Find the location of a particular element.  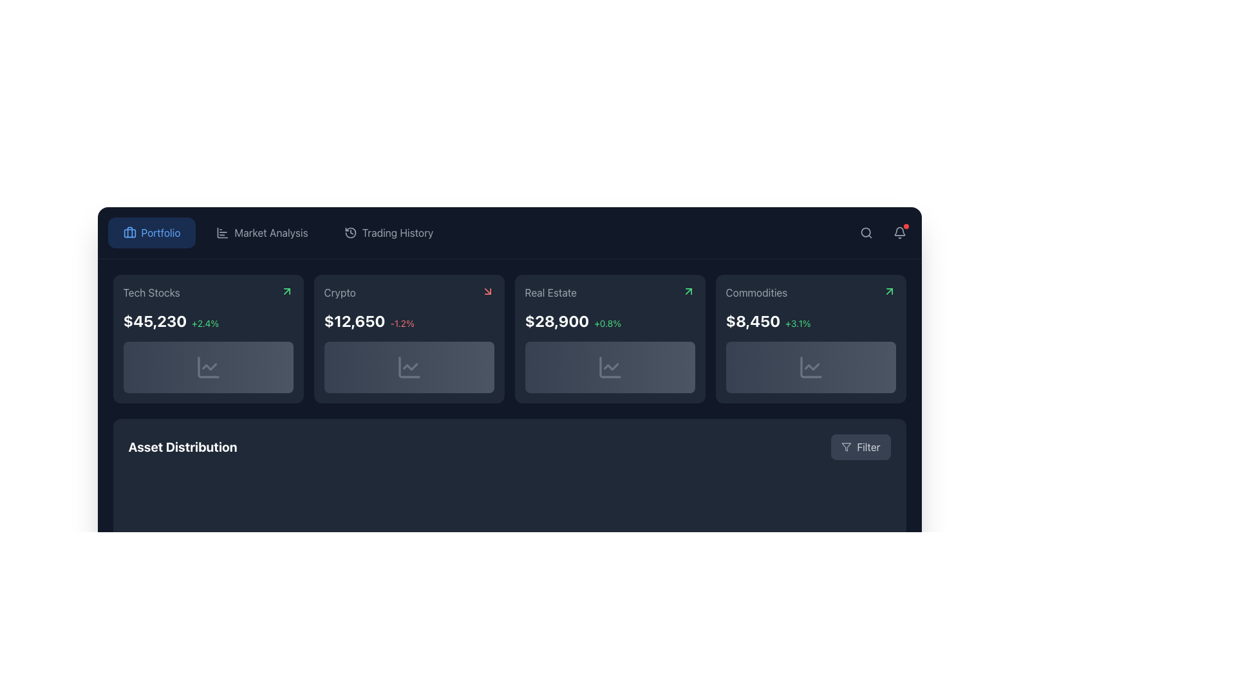

text label displaying 'Commodities' which is positioned in the top-left section of the top-right card, surrounded by a dark background is located at coordinates (756, 293).